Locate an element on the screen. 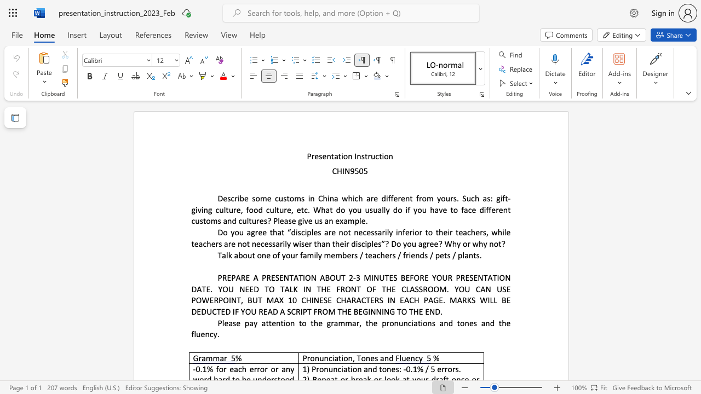 Image resolution: width=701 pixels, height=394 pixels. the subset text "ciati" within the text "Pronunciation," is located at coordinates (328, 358).